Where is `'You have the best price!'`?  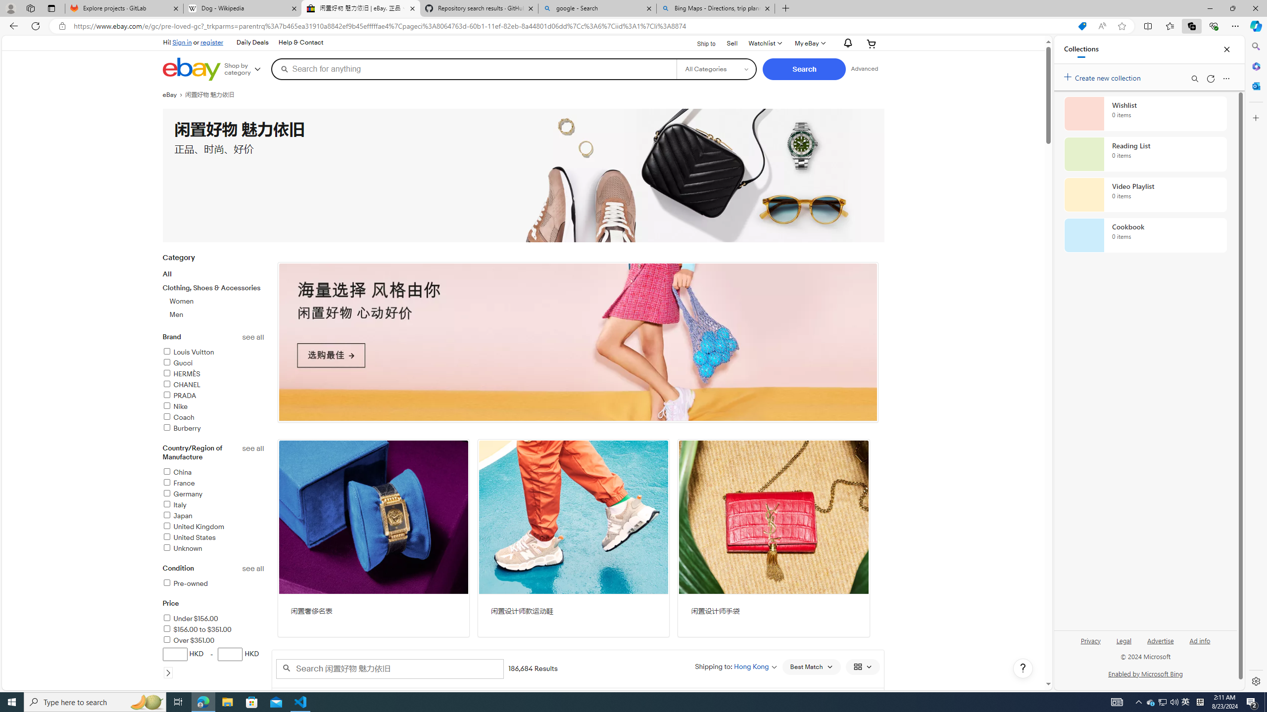
'You have the best price!' is located at coordinates (1081, 26).